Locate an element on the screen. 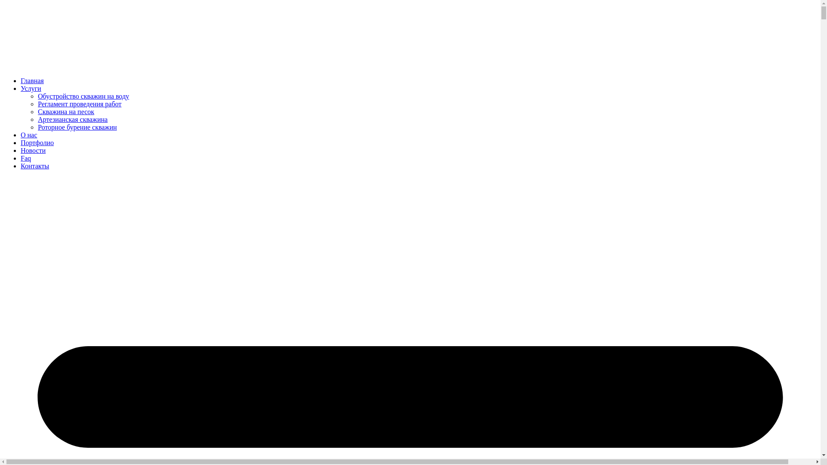 This screenshot has width=827, height=465. 'Faq' is located at coordinates (25, 158).